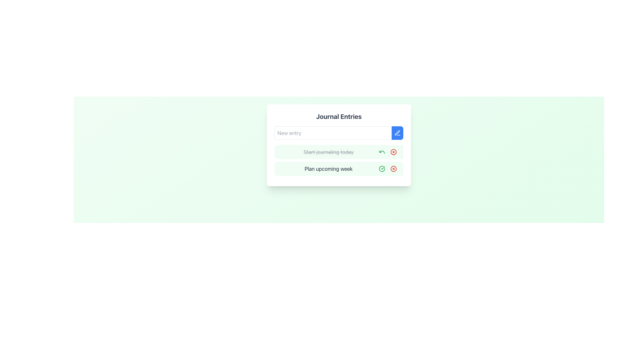 The image size is (618, 348). I want to click on the text of the second List Item with Action Buttons under the row labeled 'Start journaling today' to focus on the task, so click(338, 169).